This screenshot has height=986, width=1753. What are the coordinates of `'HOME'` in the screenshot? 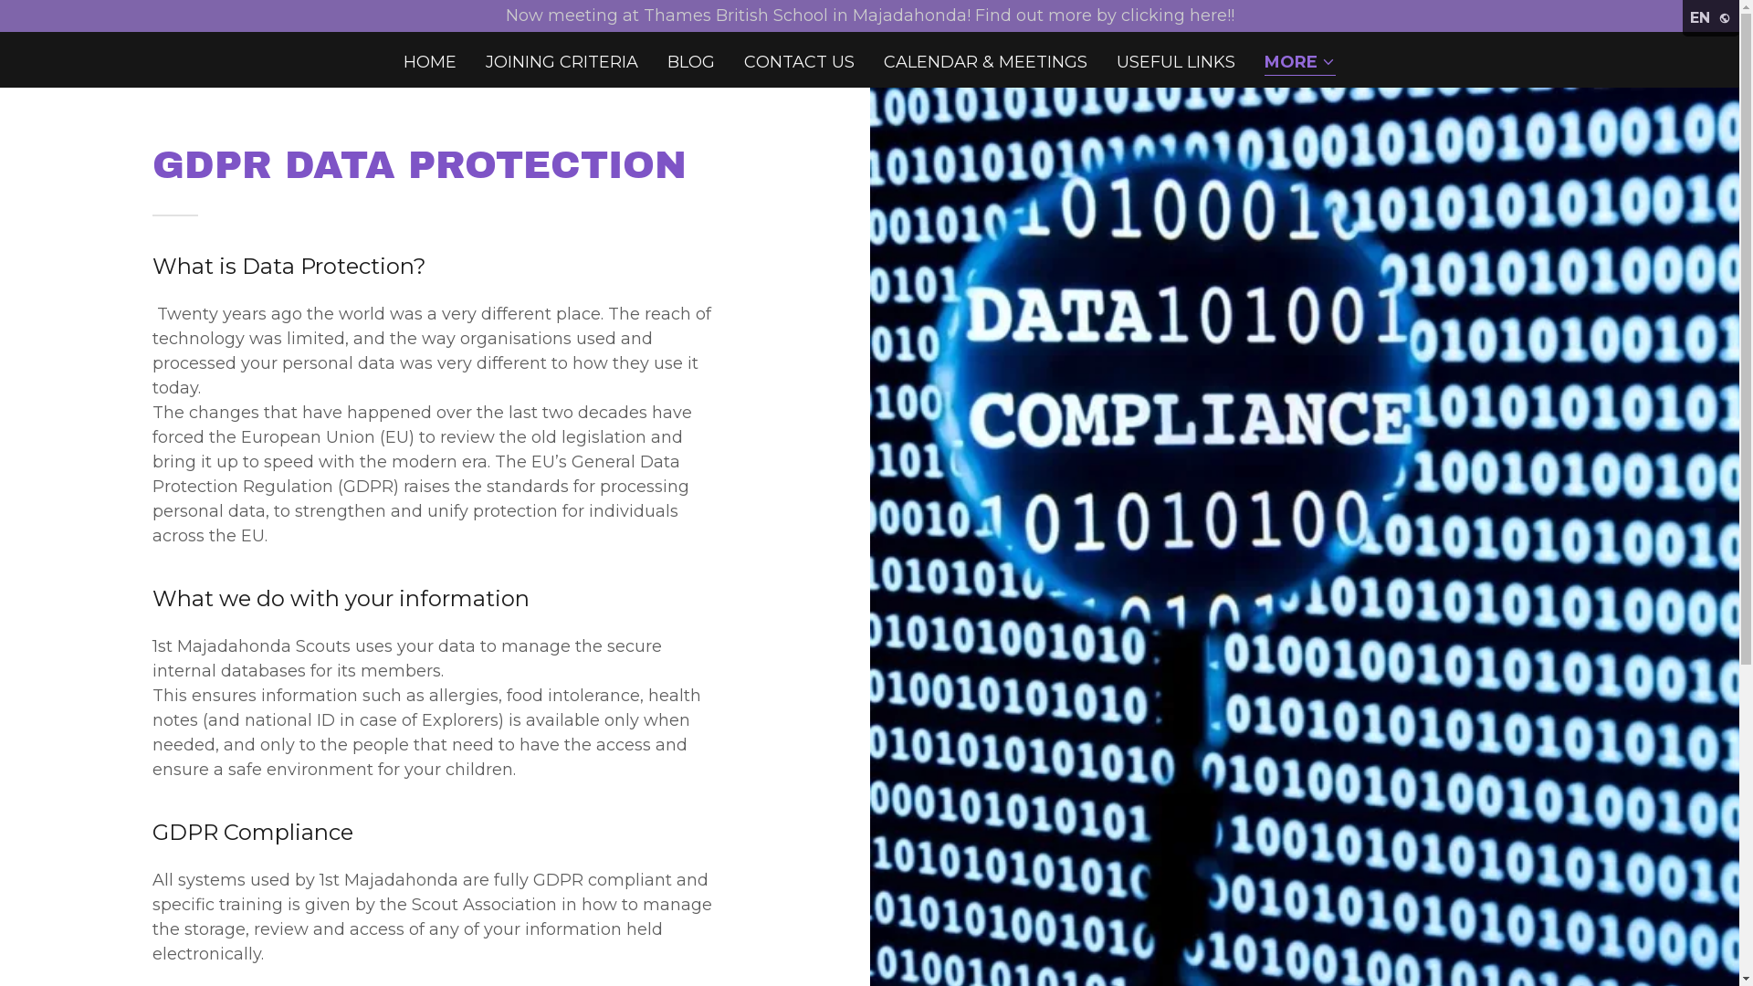 It's located at (428, 61).